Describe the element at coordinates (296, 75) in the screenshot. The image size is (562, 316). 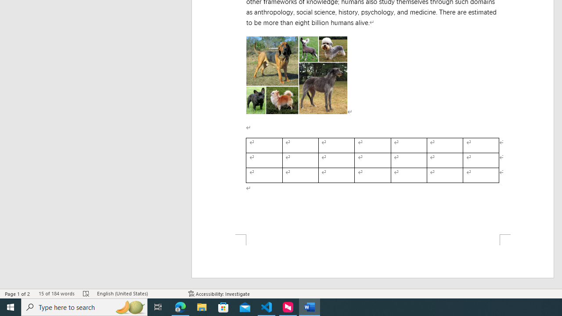
I see `'Morphological variation in six dogs'` at that location.